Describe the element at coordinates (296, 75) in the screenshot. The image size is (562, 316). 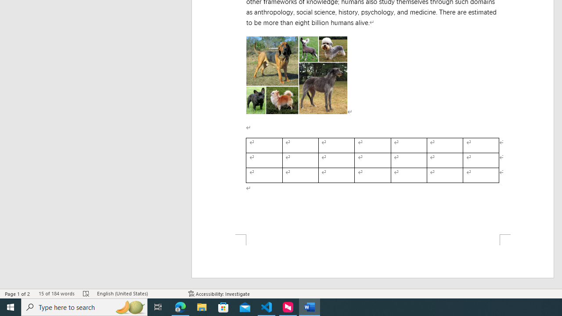
I see `'Morphological variation in six dogs'` at that location.